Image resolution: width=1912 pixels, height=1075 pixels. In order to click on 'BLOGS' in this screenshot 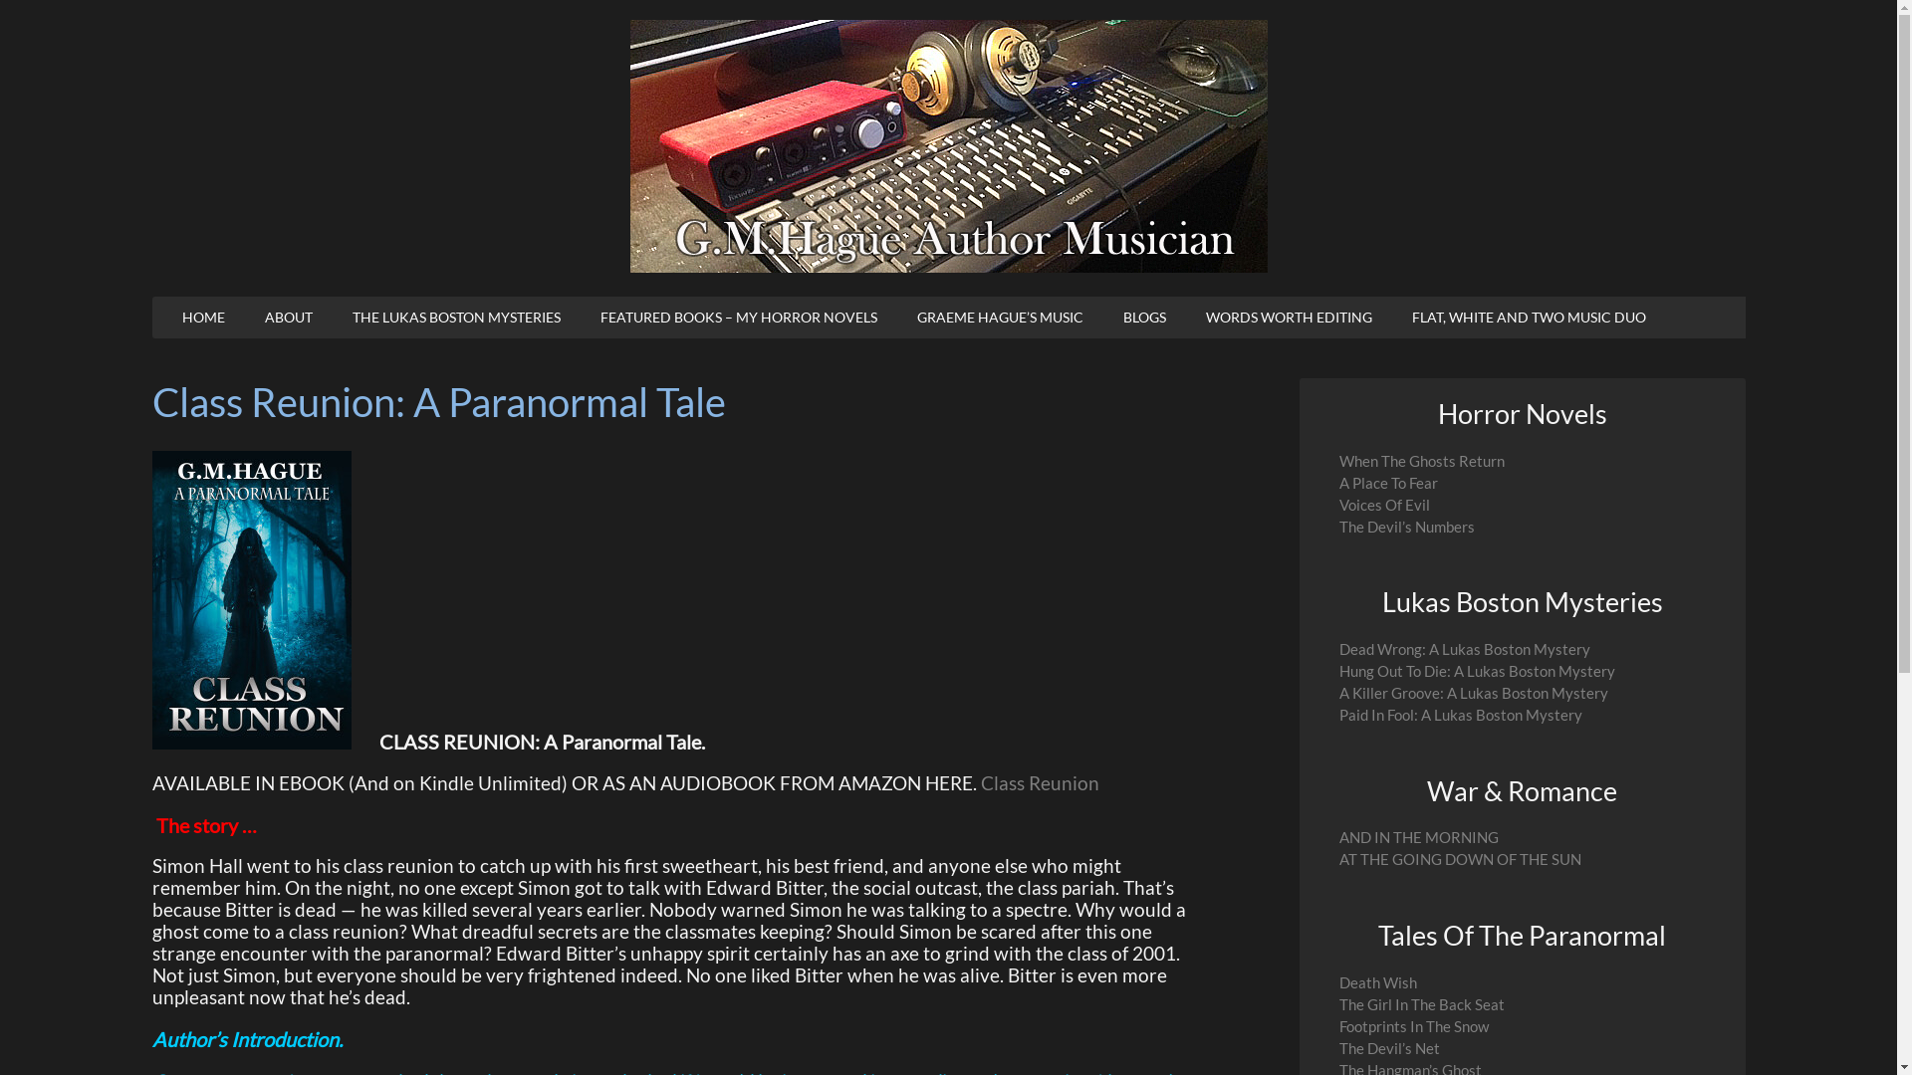, I will do `click(1144, 317)`.